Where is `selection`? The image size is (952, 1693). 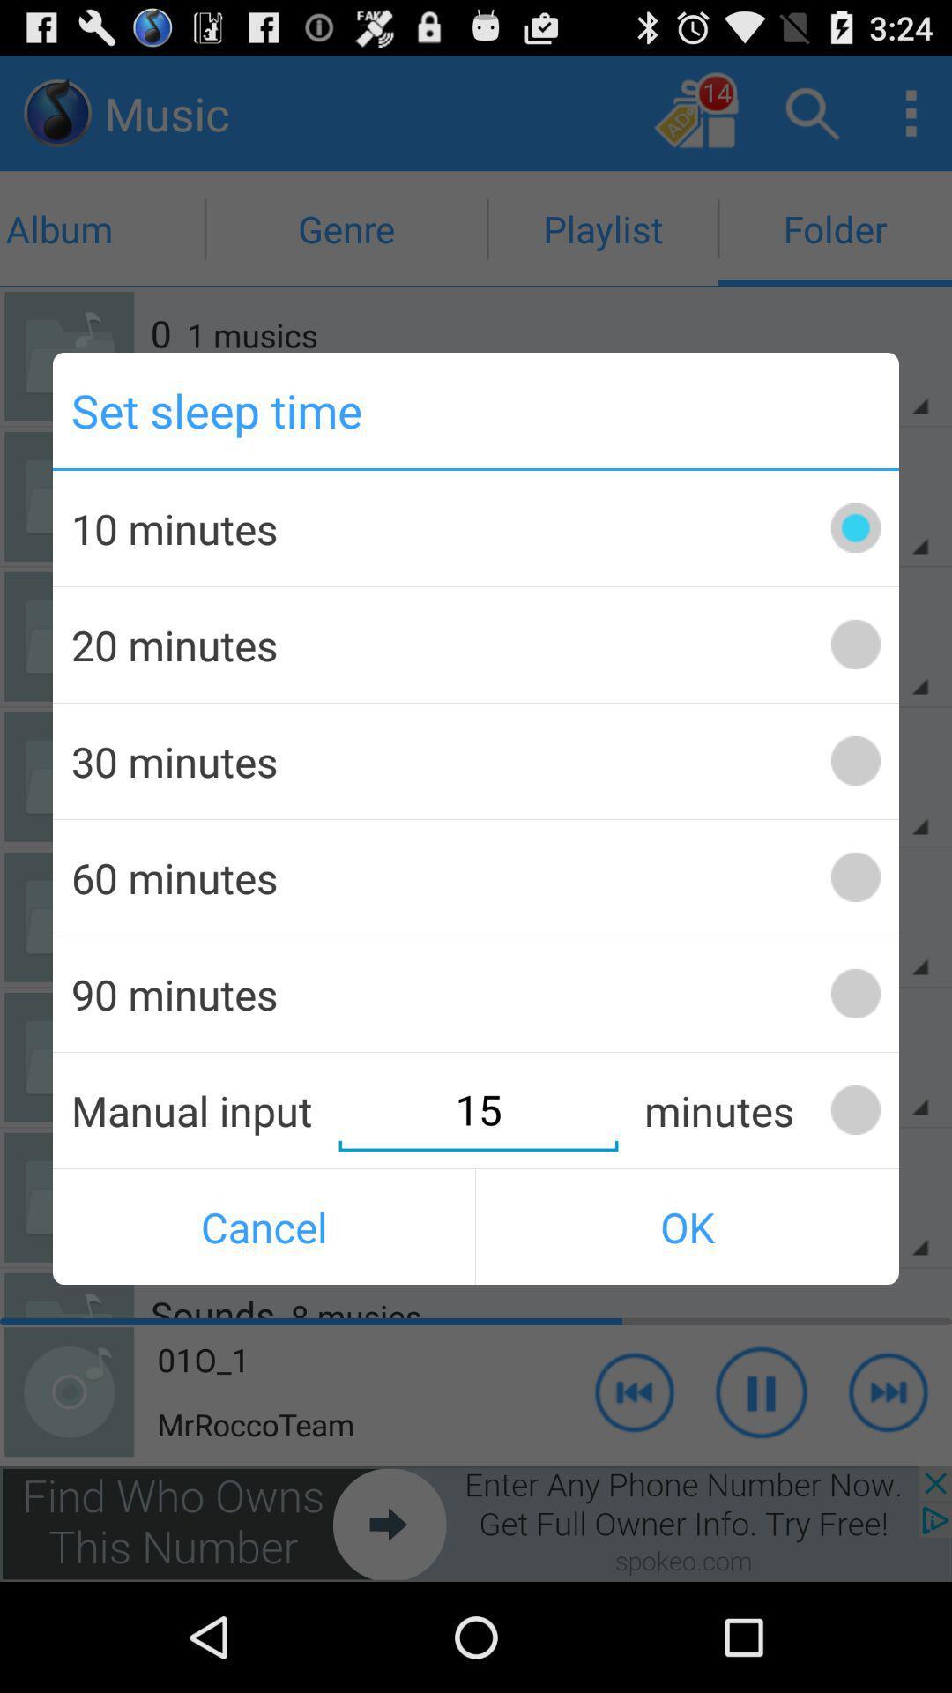
selection is located at coordinates (854, 761).